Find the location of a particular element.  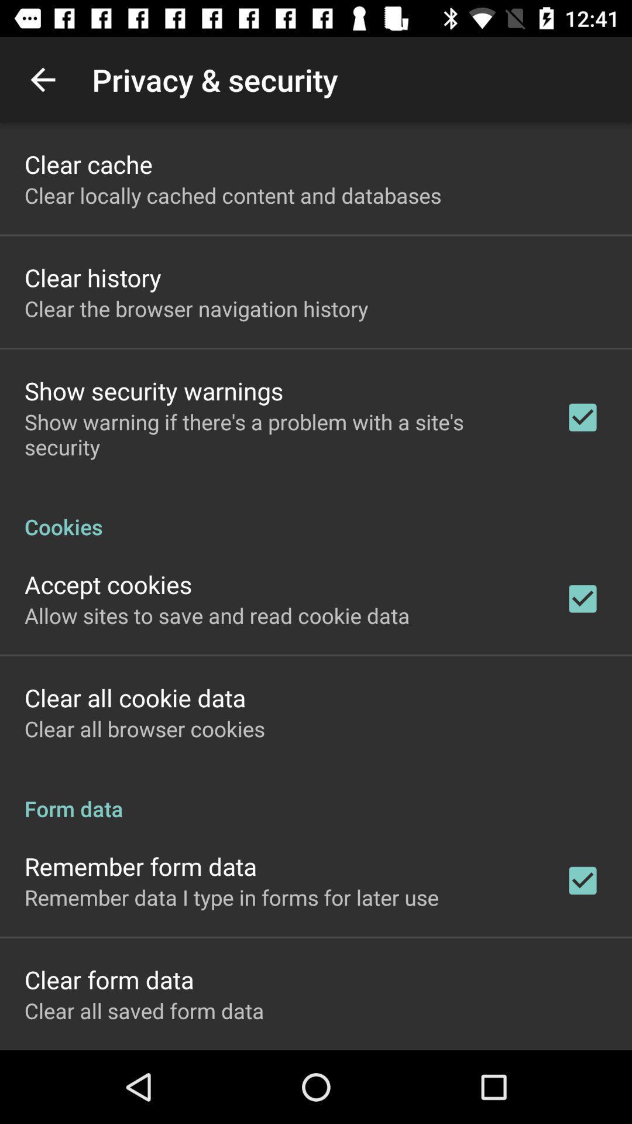

the app above the clear cache icon is located at coordinates (42, 79).